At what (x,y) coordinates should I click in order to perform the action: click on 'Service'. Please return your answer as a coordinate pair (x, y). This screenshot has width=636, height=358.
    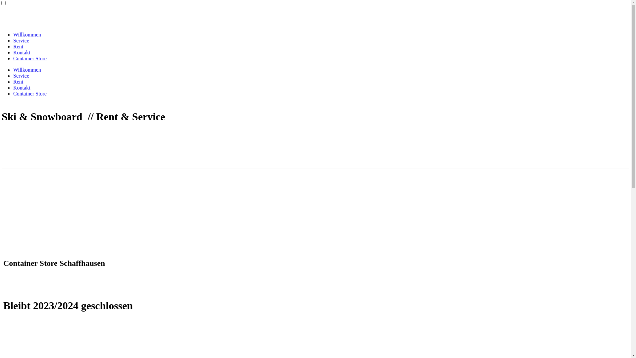
    Looking at the image, I should click on (21, 40).